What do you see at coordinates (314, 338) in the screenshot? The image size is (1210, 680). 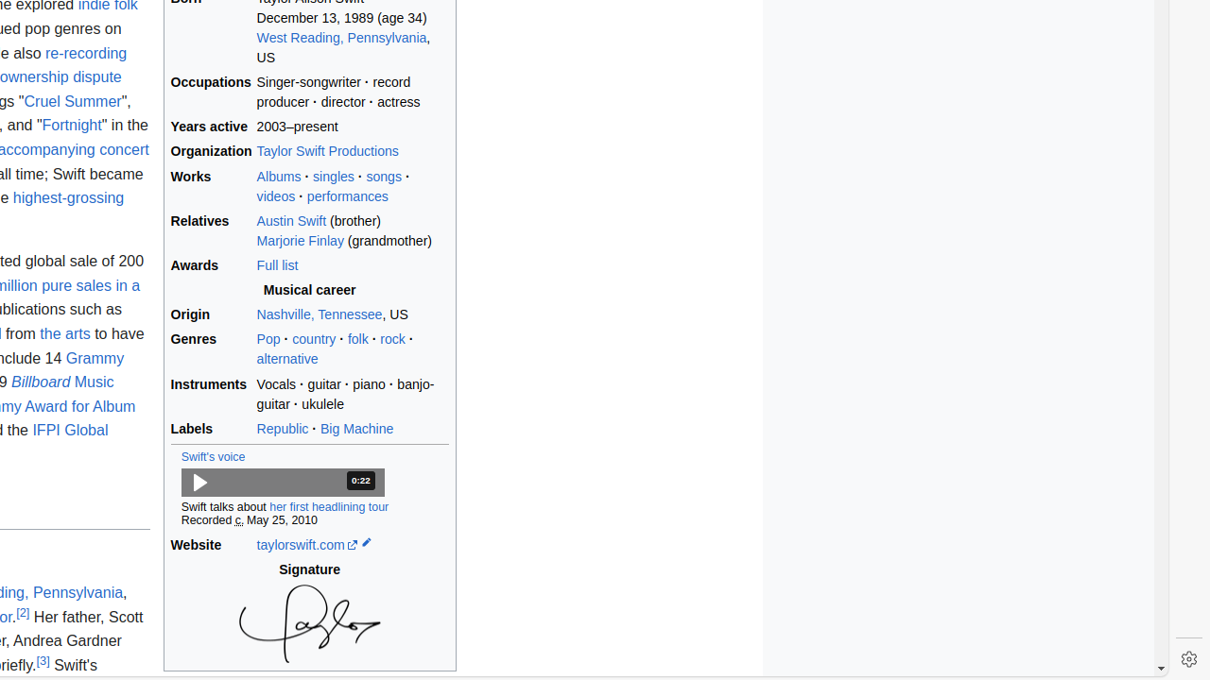 I see `'country'` at bounding box center [314, 338].